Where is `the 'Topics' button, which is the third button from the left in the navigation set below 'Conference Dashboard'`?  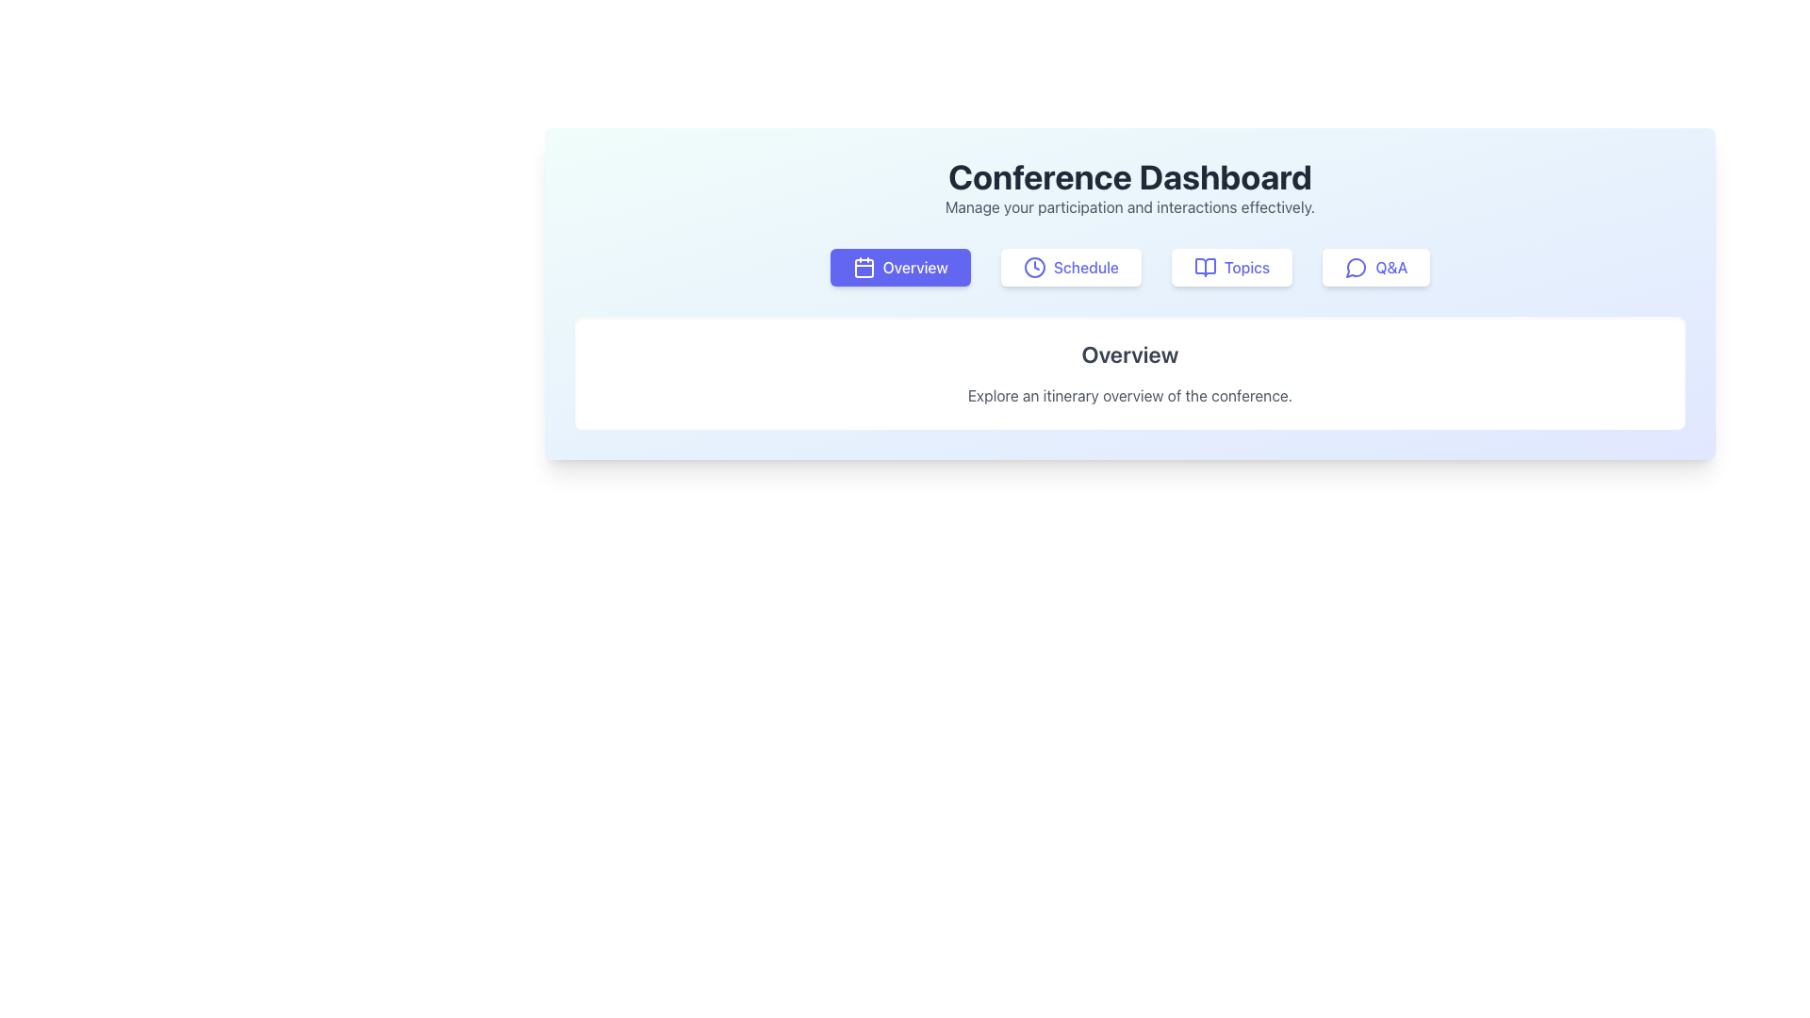 the 'Topics' button, which is the third button from the left in the navigation set below 'Conference Dashboard' is located at coordinates (1204, 268).